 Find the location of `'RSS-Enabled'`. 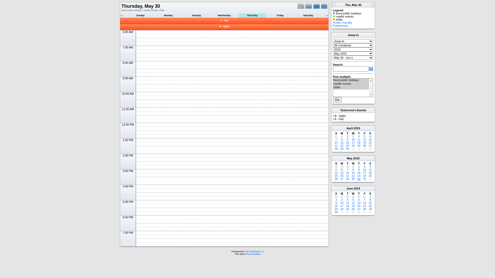

'RSS-Enabled' is located at coordinates (253, 254).